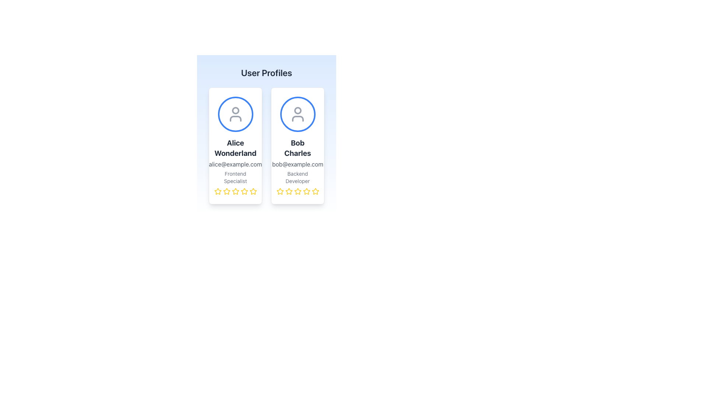  What do you see at coordinates (235, 114) in the screenshot?
I see `the user's avatar icon located in the upper section of the leftmost user profile card, directly above the text 'Alice Wonderland'` at bounding box center [235, 114].